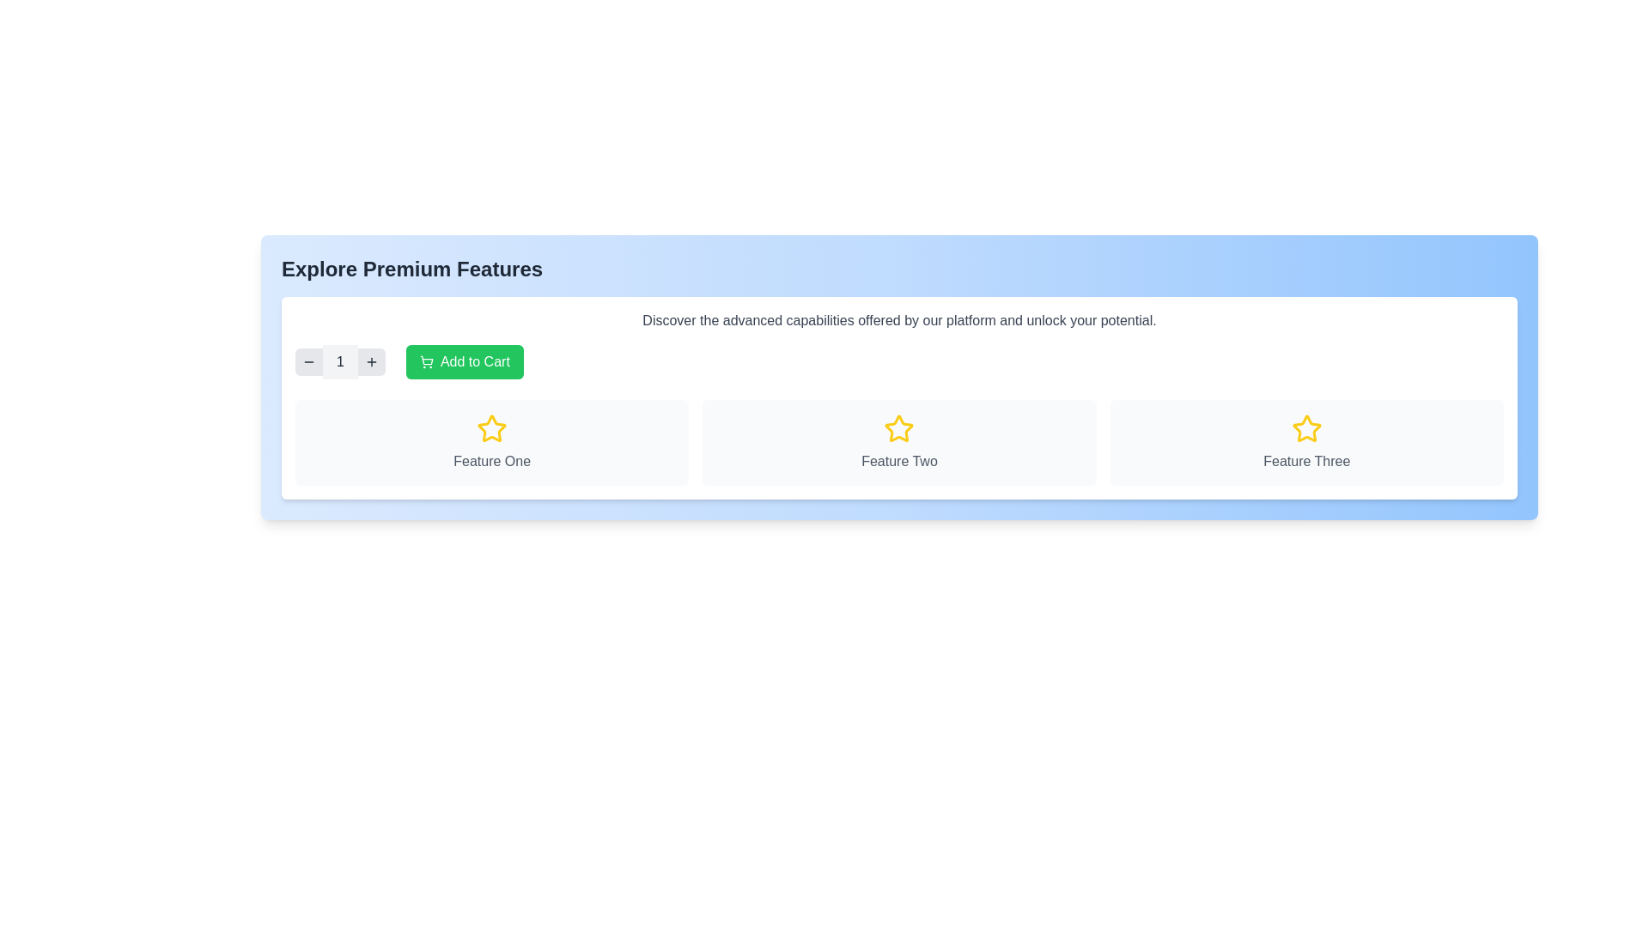 This screenshot has height=927, width=1649. I want to click on the 'Add to Cart' button which contains the graphical shopping cart icon, so click(426, 360).